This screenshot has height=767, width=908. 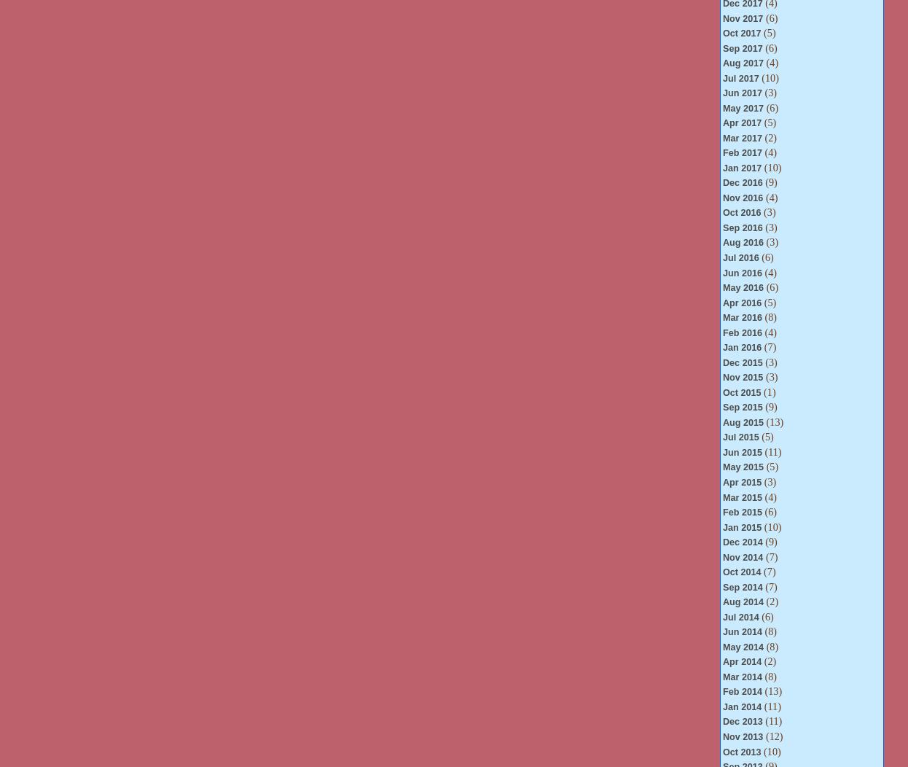 I want to click on 'Sep 2014', so click(x=741, y=586).